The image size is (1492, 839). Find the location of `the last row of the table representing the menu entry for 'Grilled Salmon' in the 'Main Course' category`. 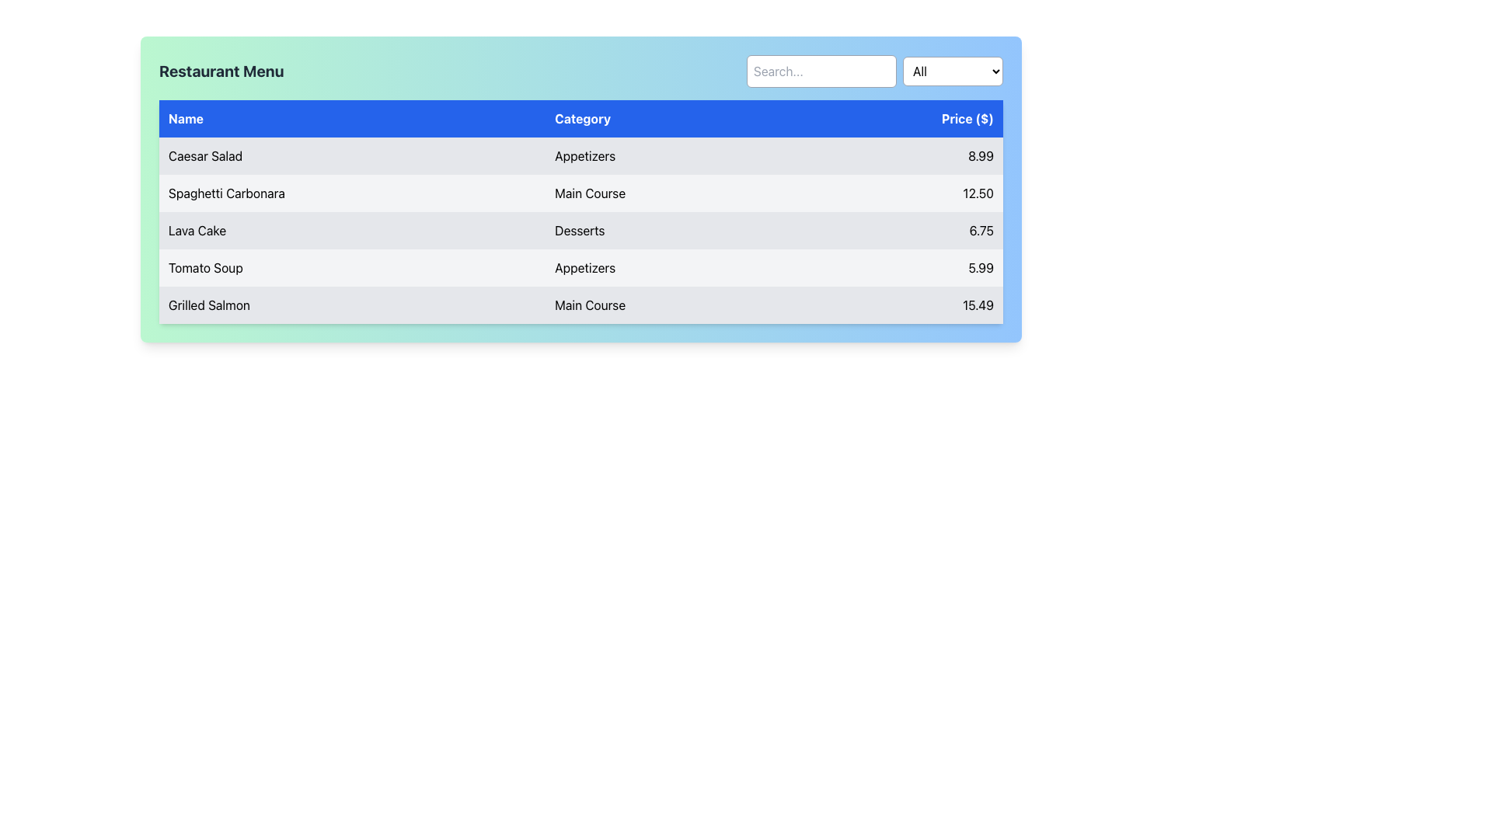

the last row of the table representing the menu entry for 'Grilled Salmon' in the 'Main Course' category is located at coordinates (580, 305).